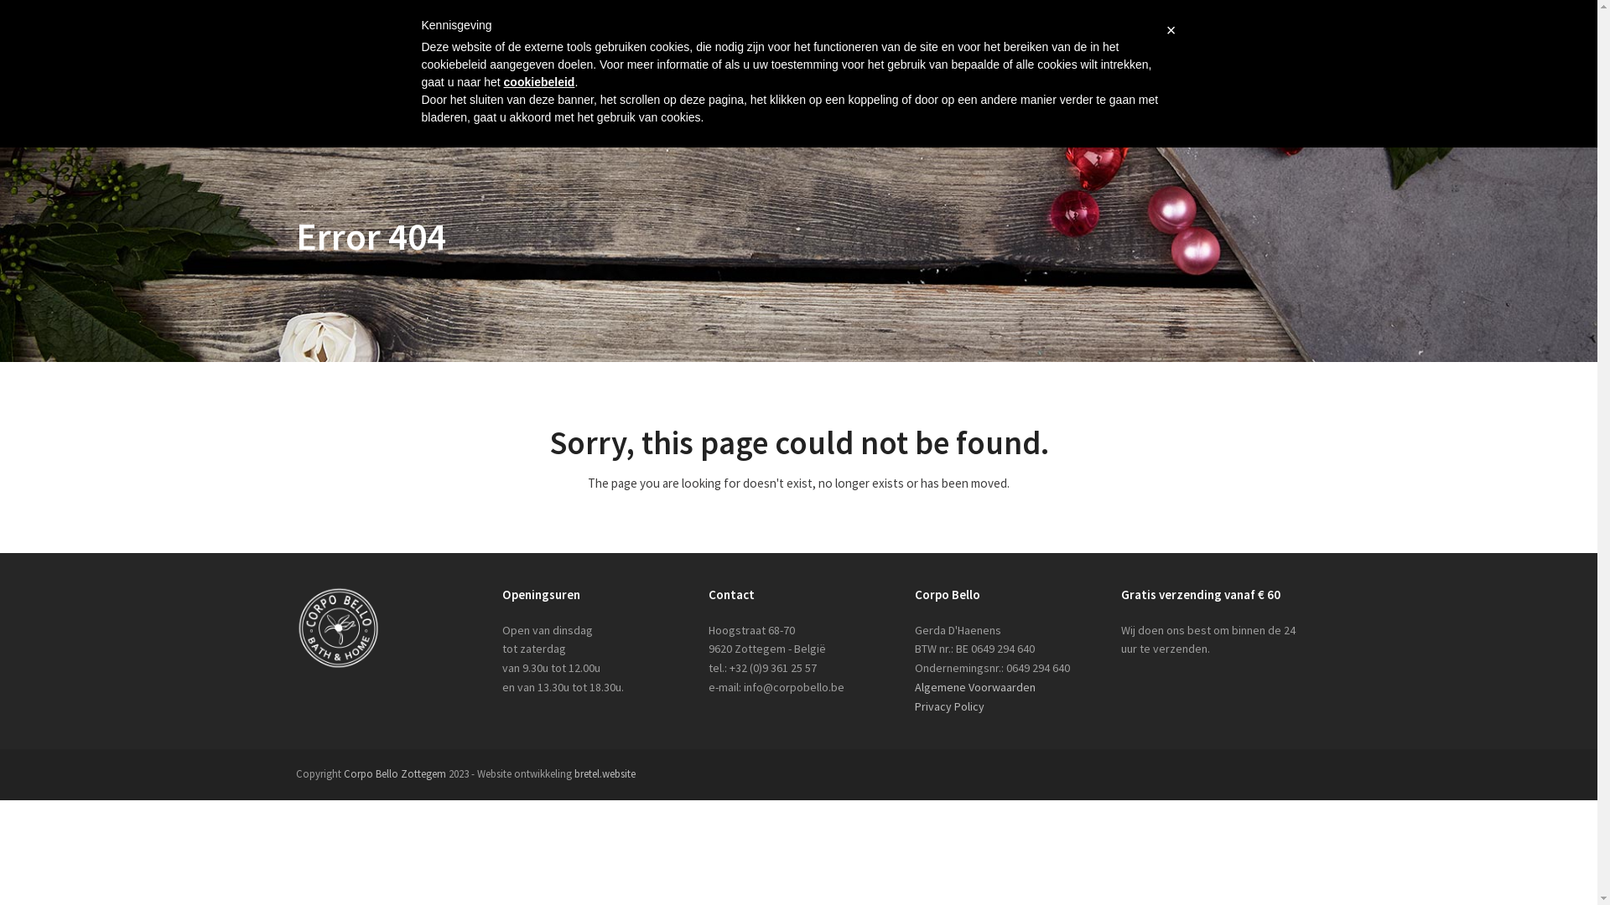 Image resolution: width=1610 pixels, height=905 pixels. What do you see at coordinates (393, 773) in the screenshot?
I see `'Corpo Bello Zottegem'` at bounding box center [393, 773].